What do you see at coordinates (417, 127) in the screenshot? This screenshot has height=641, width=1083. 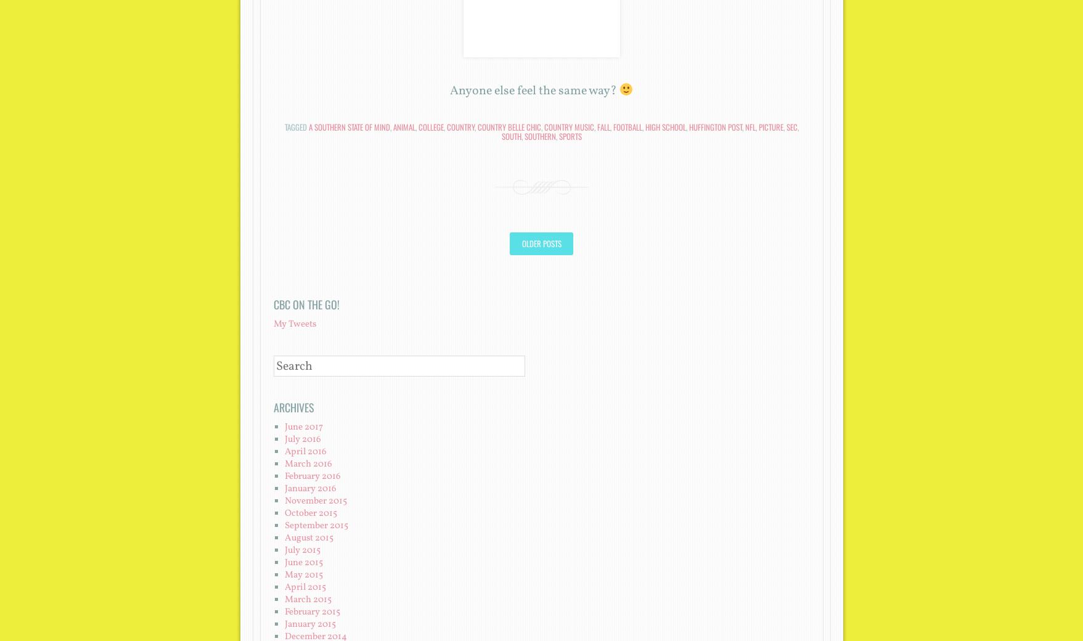 I see `'college'` at bounding box center [417, 127].